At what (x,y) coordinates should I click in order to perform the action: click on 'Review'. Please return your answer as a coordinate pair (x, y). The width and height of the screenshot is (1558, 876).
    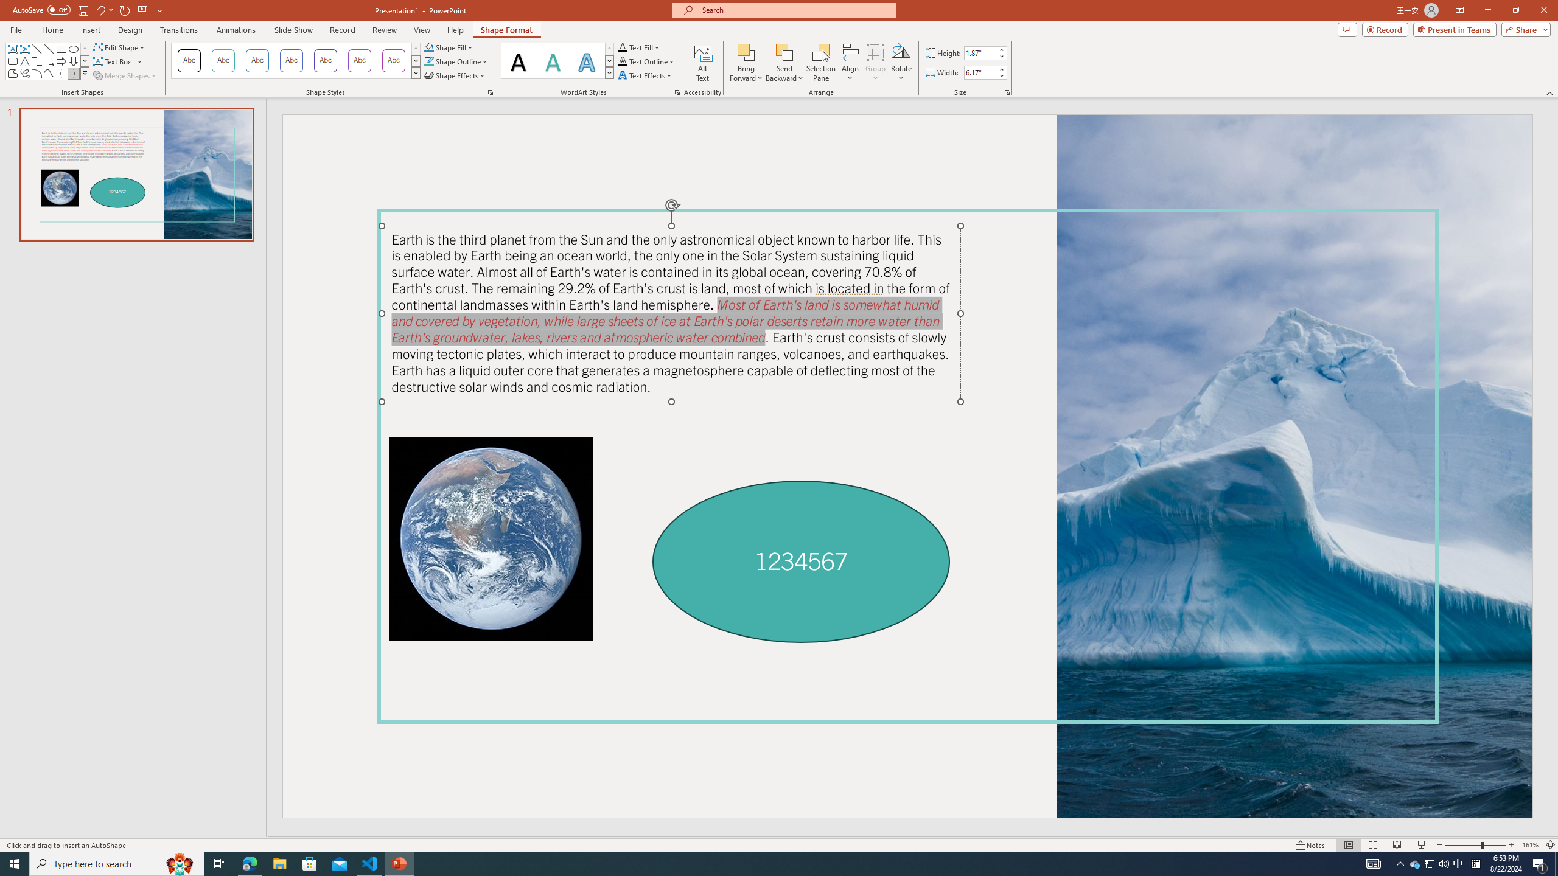
    Looking at the image, I should click on (384, 30).